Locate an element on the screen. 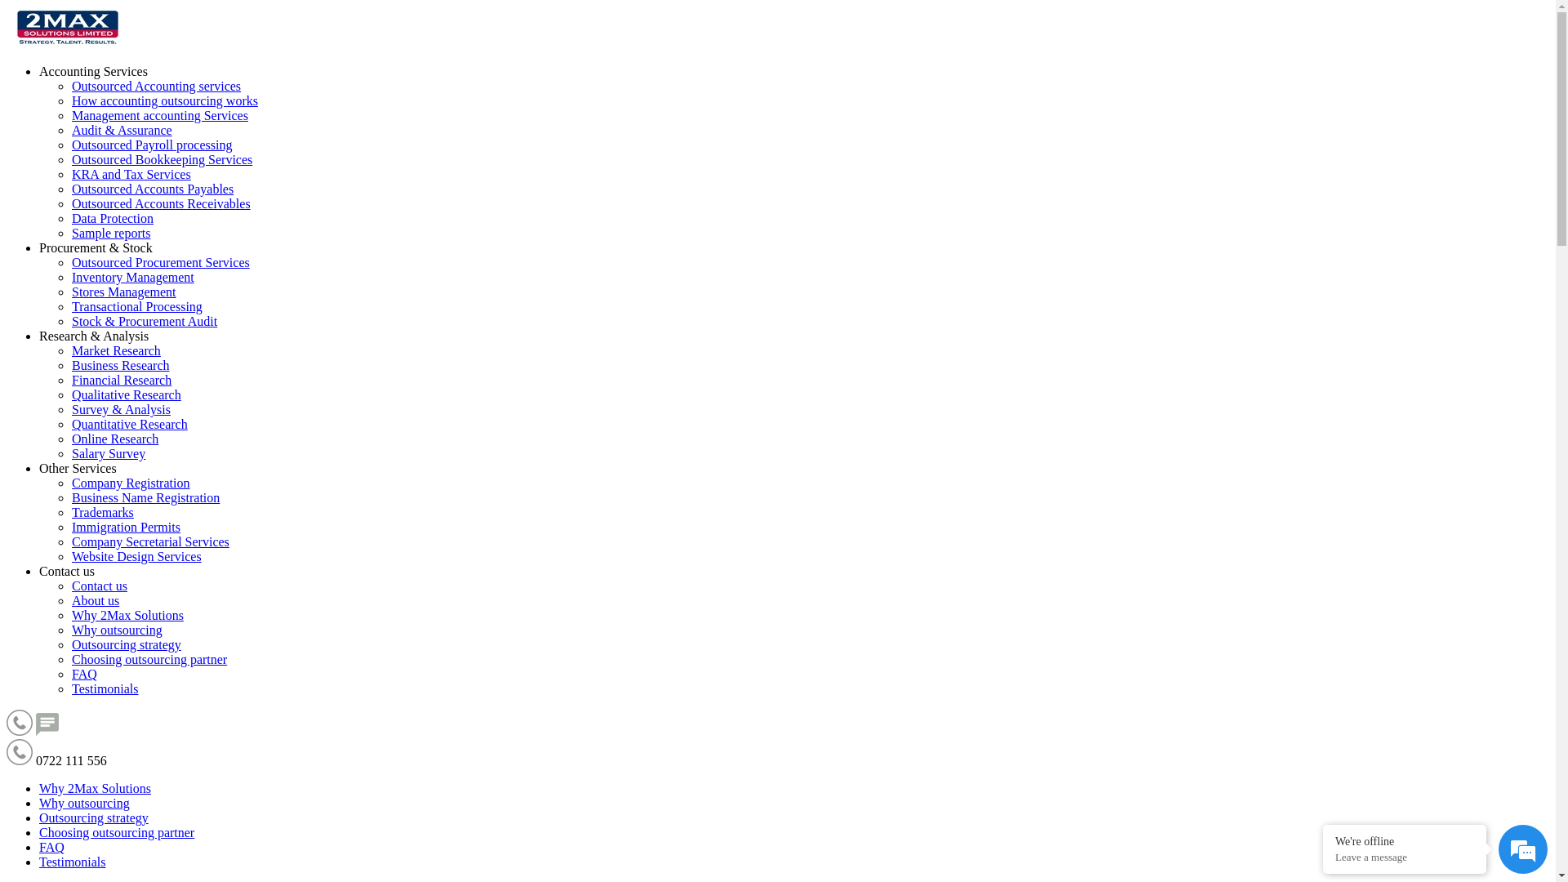 This screenshot has height=882, width=1568. 'FAQ' is located at coordinates (83, 674).